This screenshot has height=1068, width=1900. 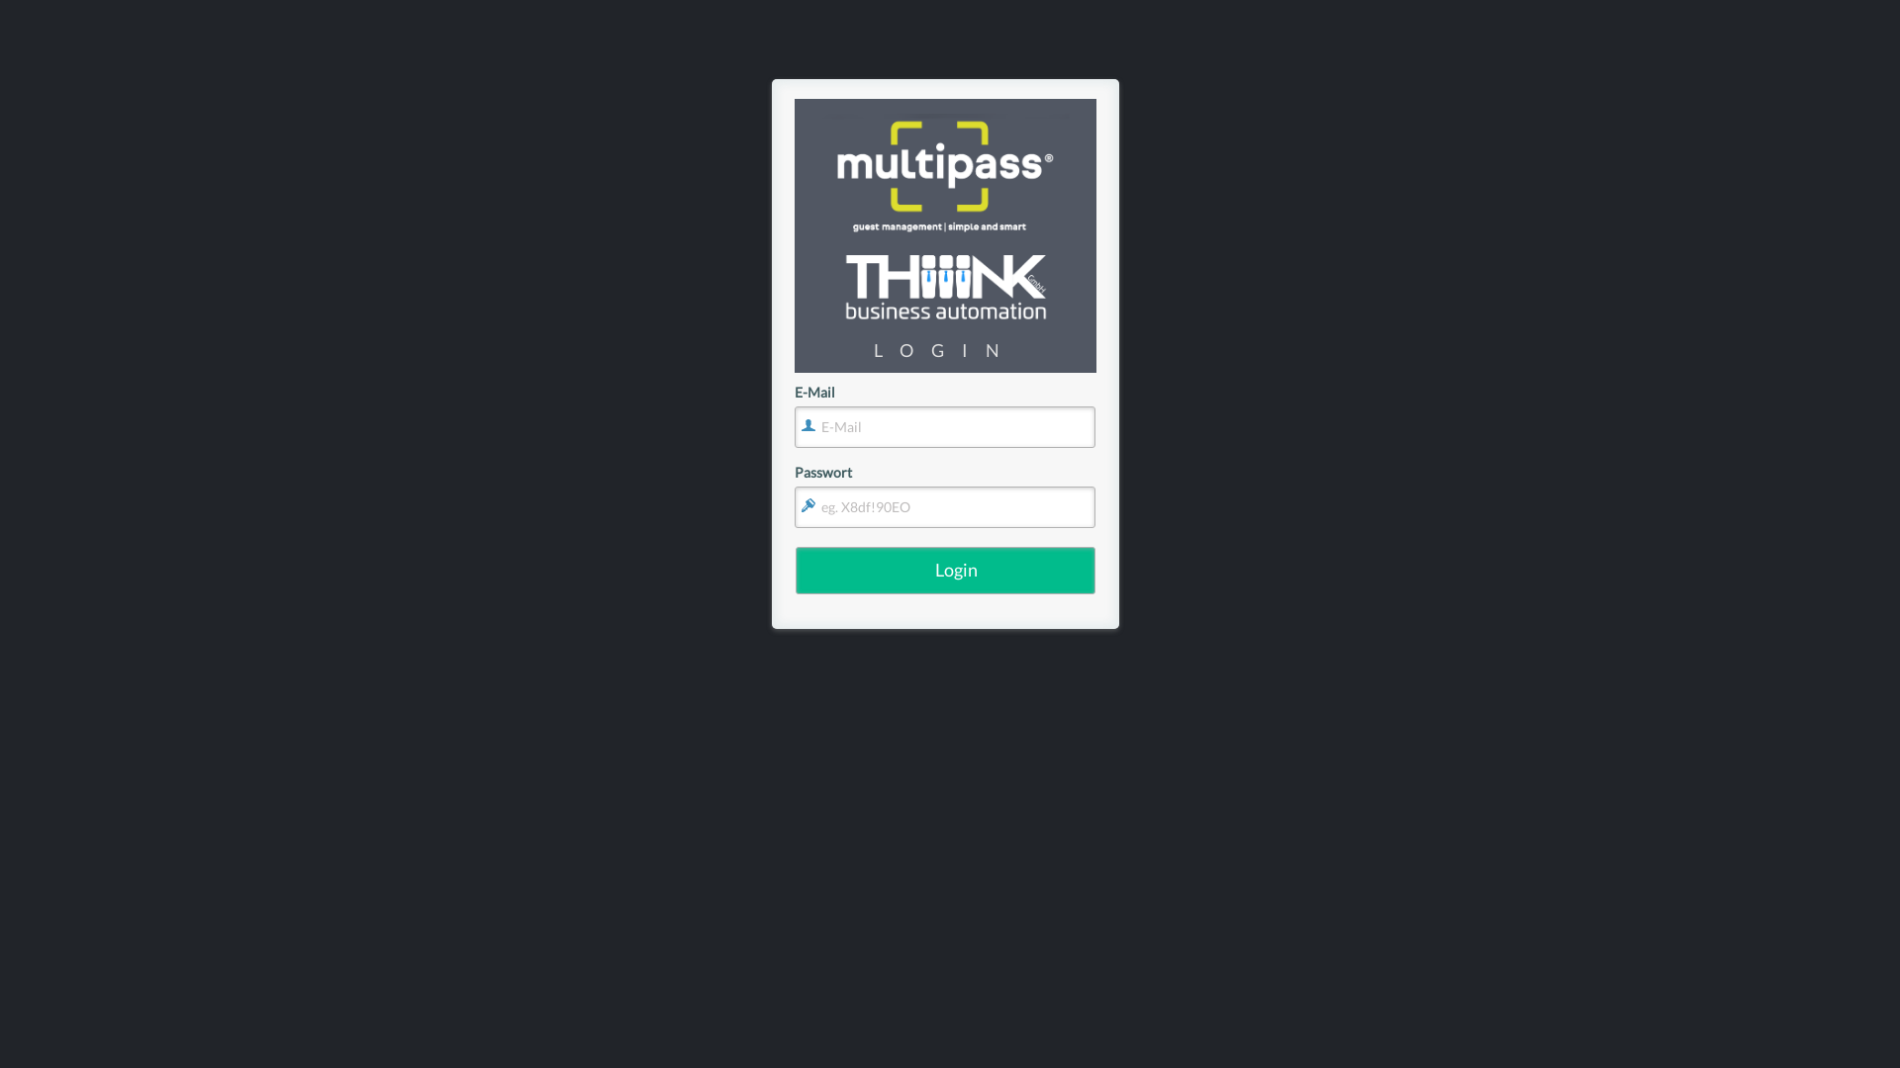 What do you see at coordinates (944, 571) in the screenshot?
I see `'Login'` at bounding box center [944, 571].